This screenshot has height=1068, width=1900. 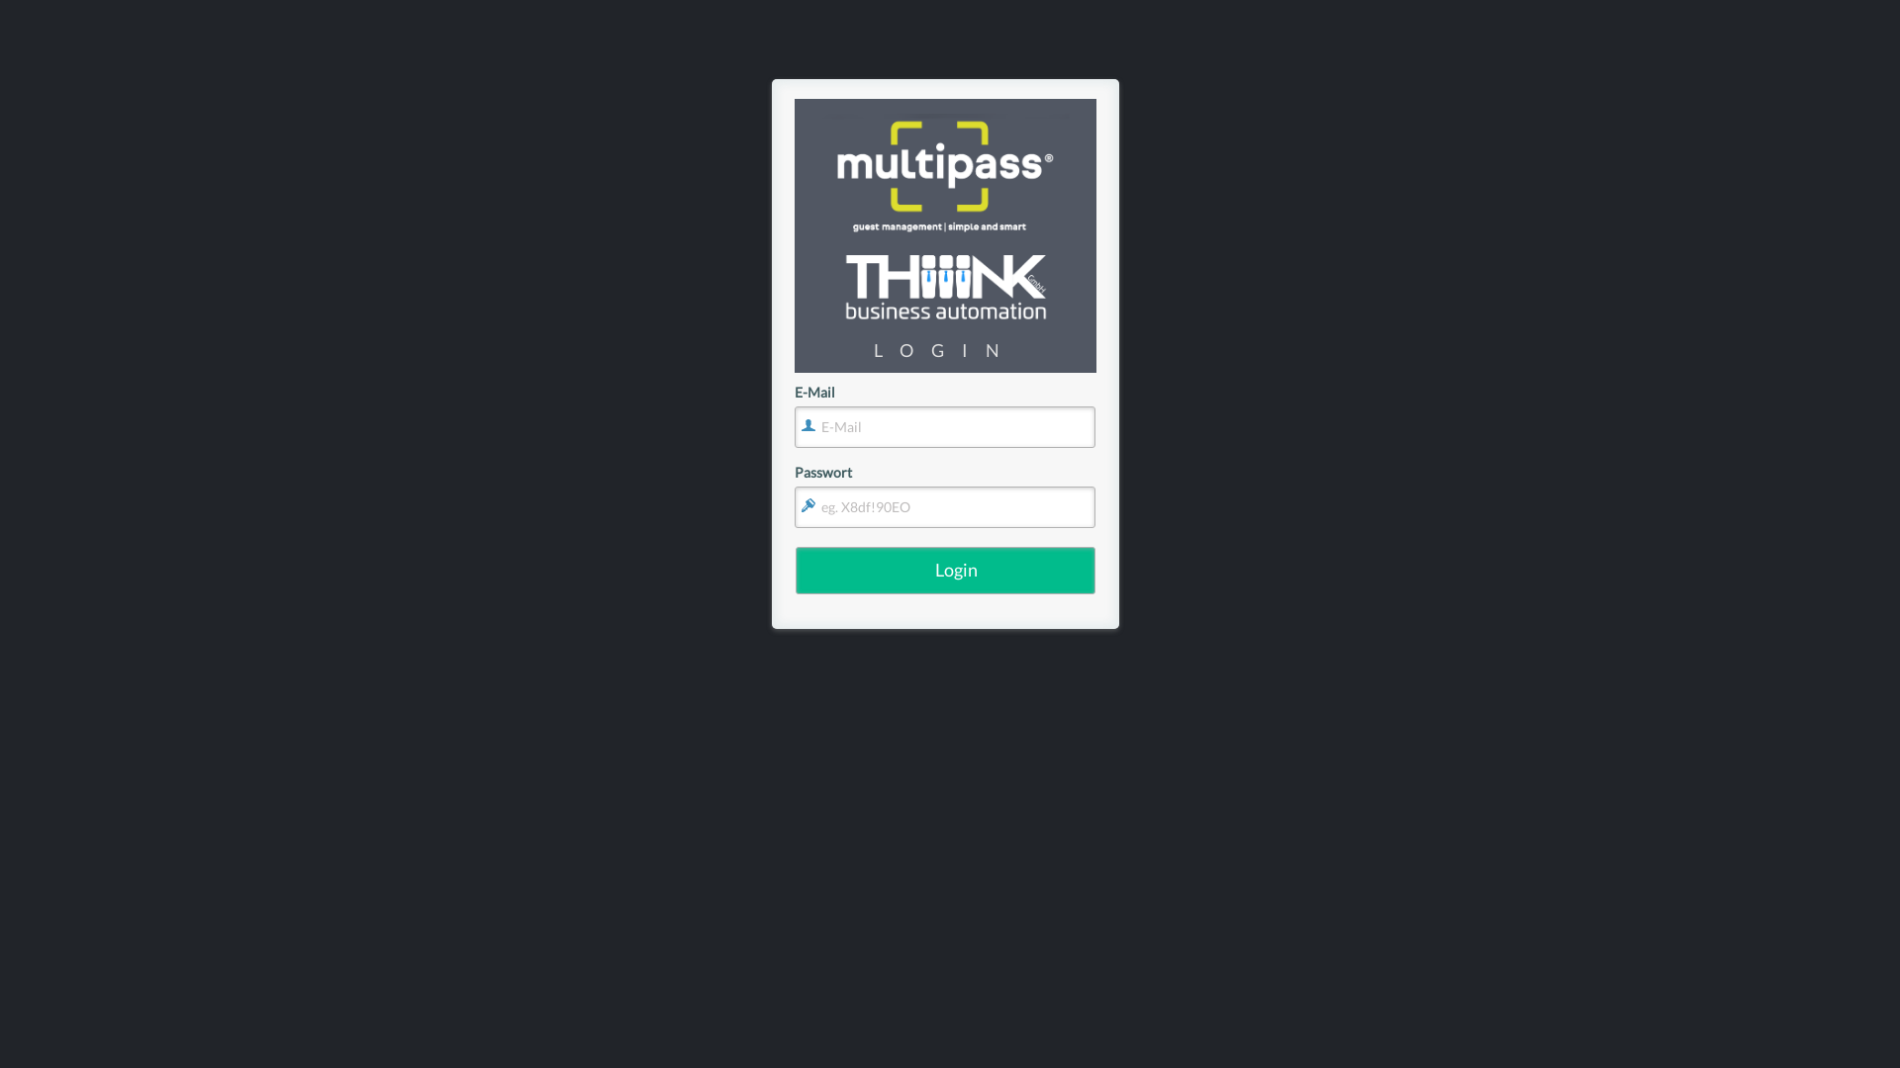 What do you see at coordinates (944, 571) in the screenshot?
I see `'Login'` at bounding box center [944, 571].